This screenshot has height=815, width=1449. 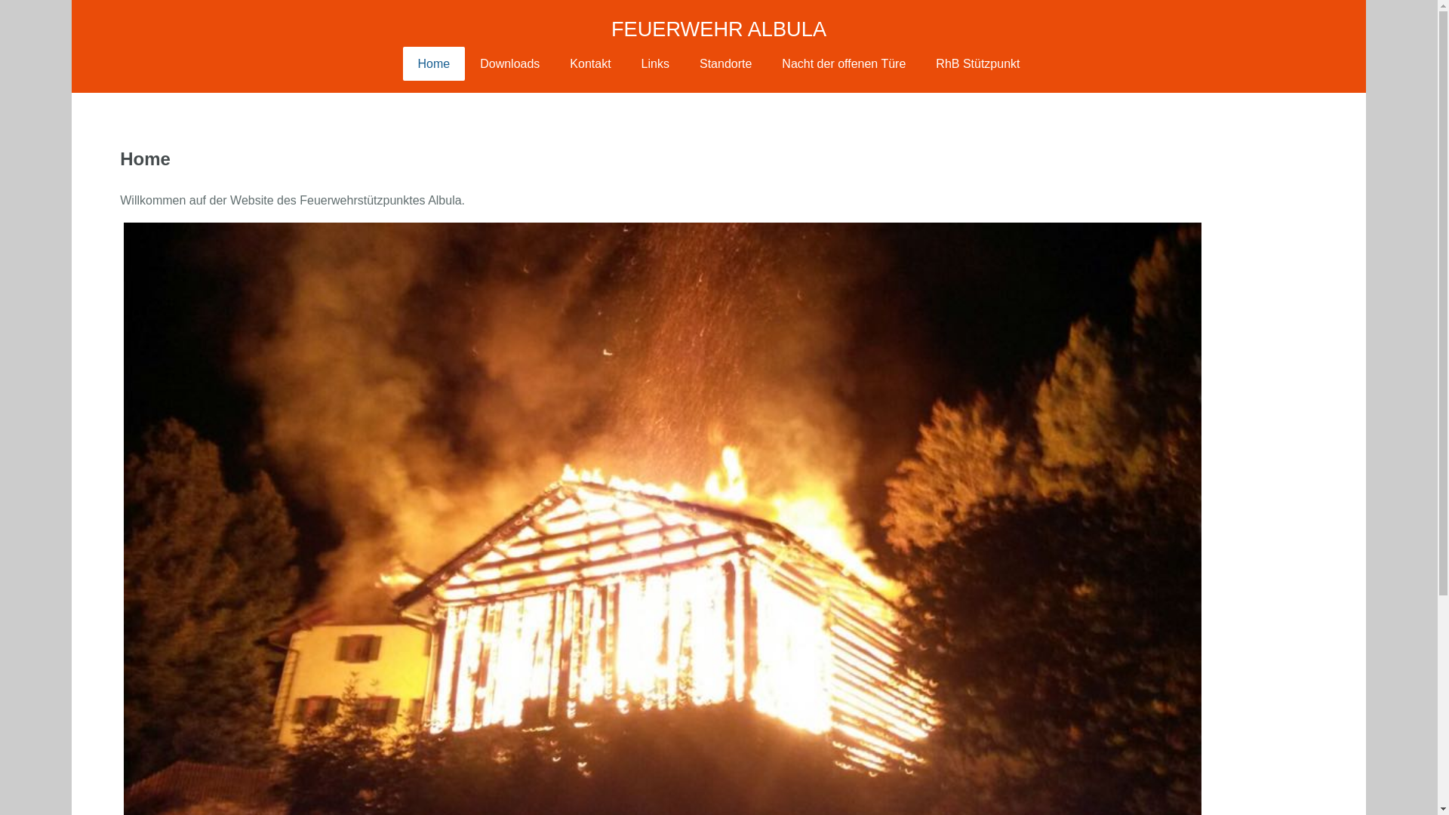 I want to click on 'Kontakt', so click(x=589, y=63).